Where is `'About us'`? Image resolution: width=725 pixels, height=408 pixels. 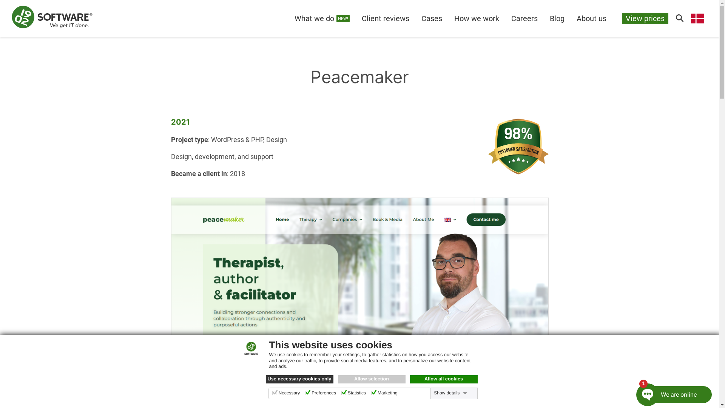 'About us' is located at coordinates (591, 18).